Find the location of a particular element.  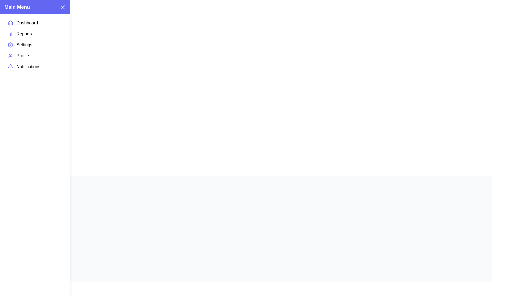

the 'Settings' SVG icon located in the vertical menu on the left side of the interface, positioned as the third entry in the list is located at coordinates (10, 45).